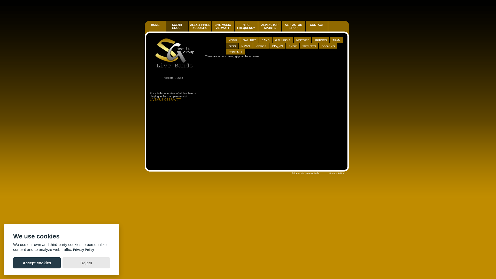 This screenshot has height=279, width=496. I want to click on 'SCENIT, so click(177, 26).